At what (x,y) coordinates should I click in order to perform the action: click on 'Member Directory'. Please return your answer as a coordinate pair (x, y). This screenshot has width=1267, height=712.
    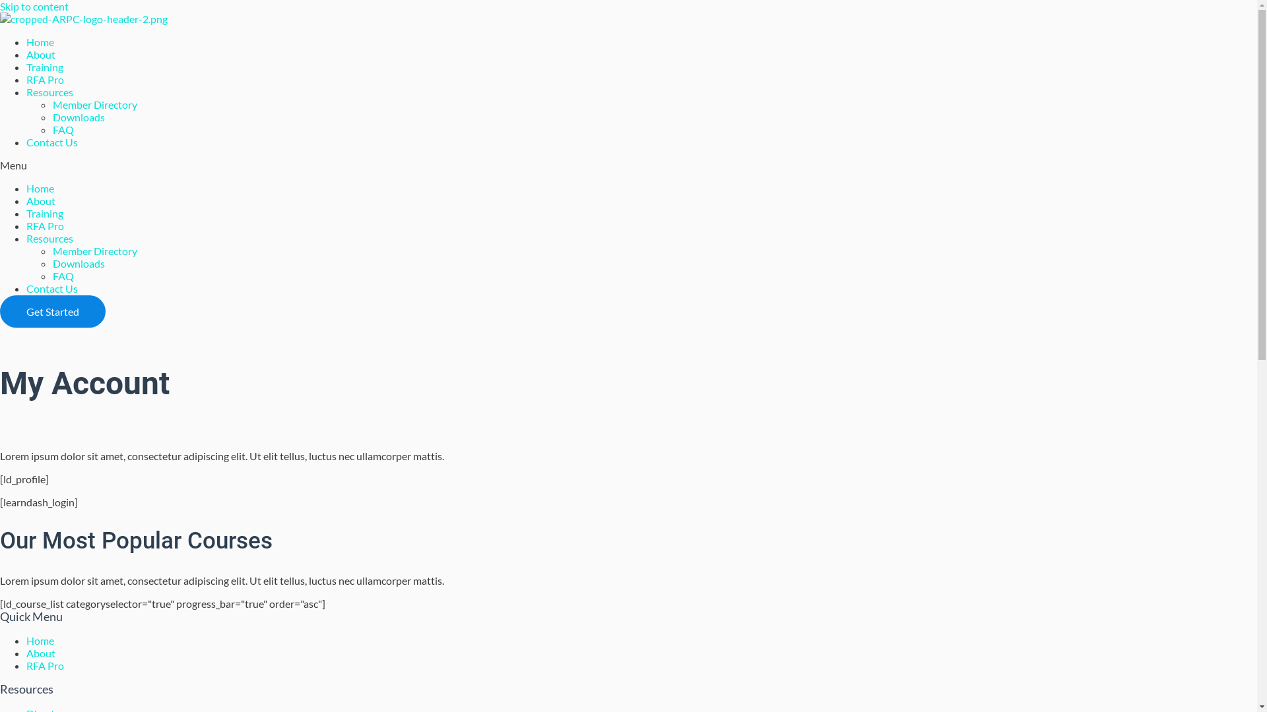
    Looking at the image, I should click on (53, 251).